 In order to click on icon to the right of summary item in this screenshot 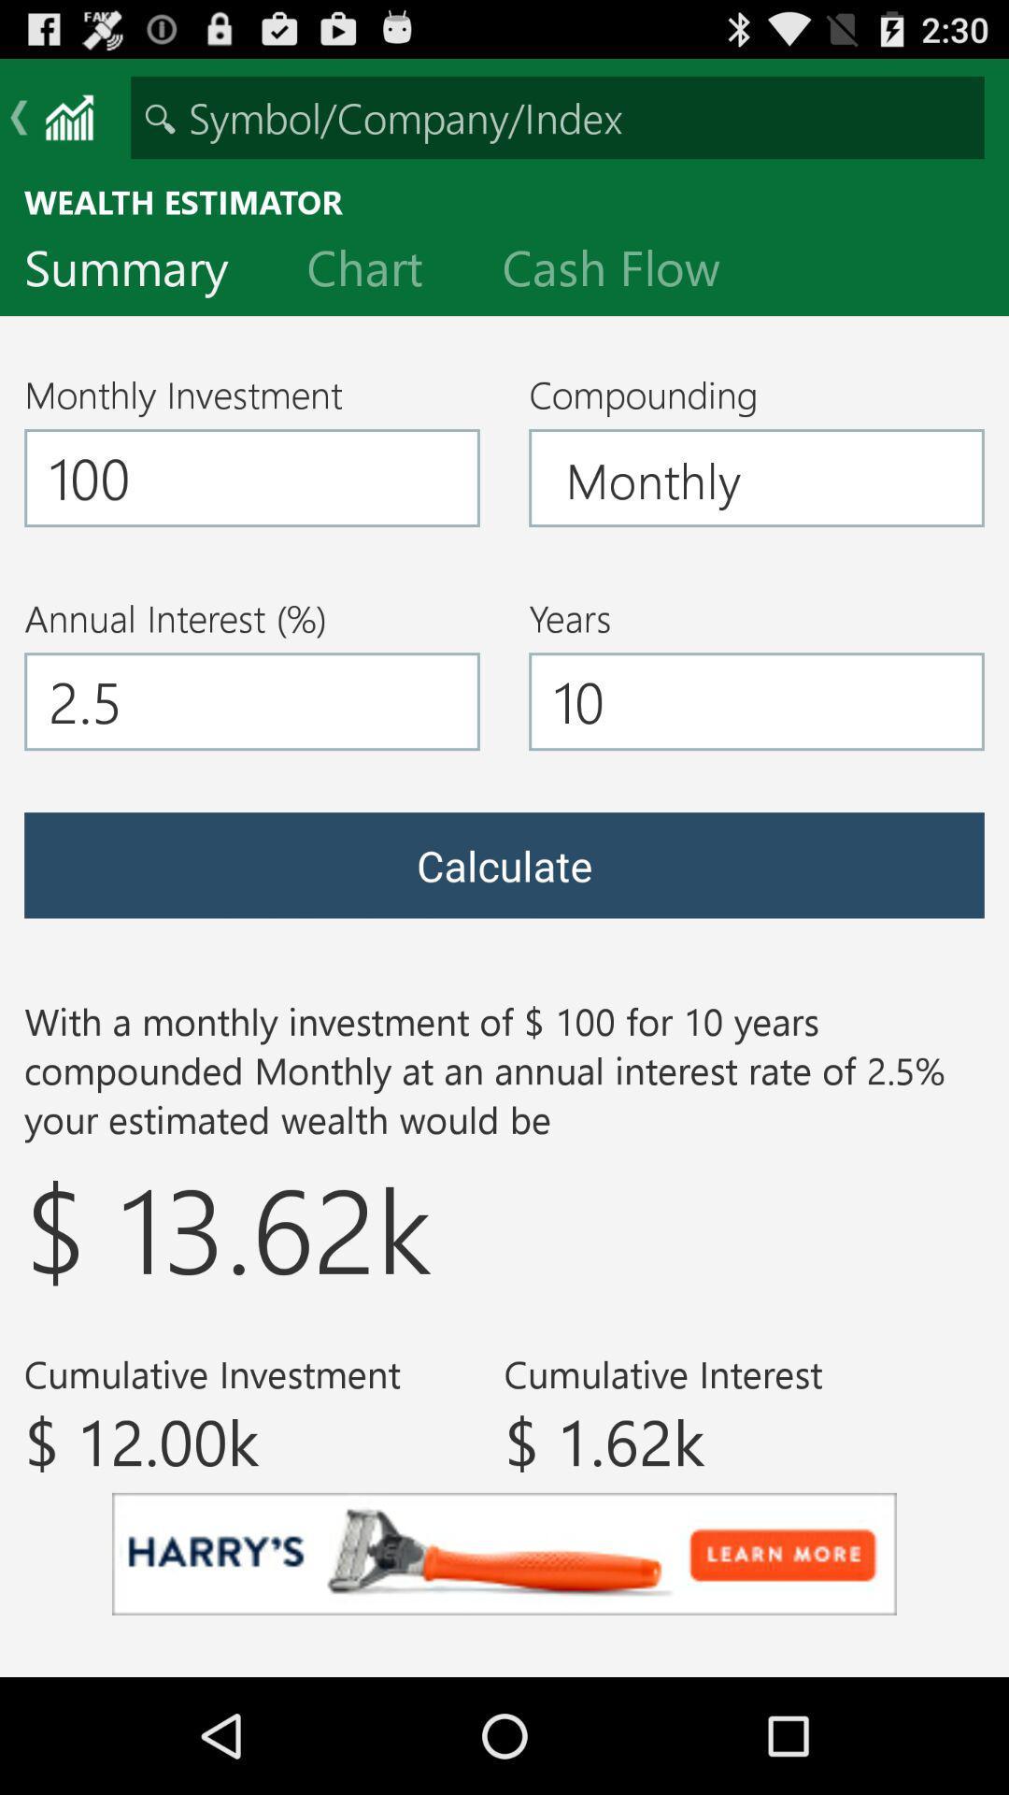, I will do `click(378, 271)`.